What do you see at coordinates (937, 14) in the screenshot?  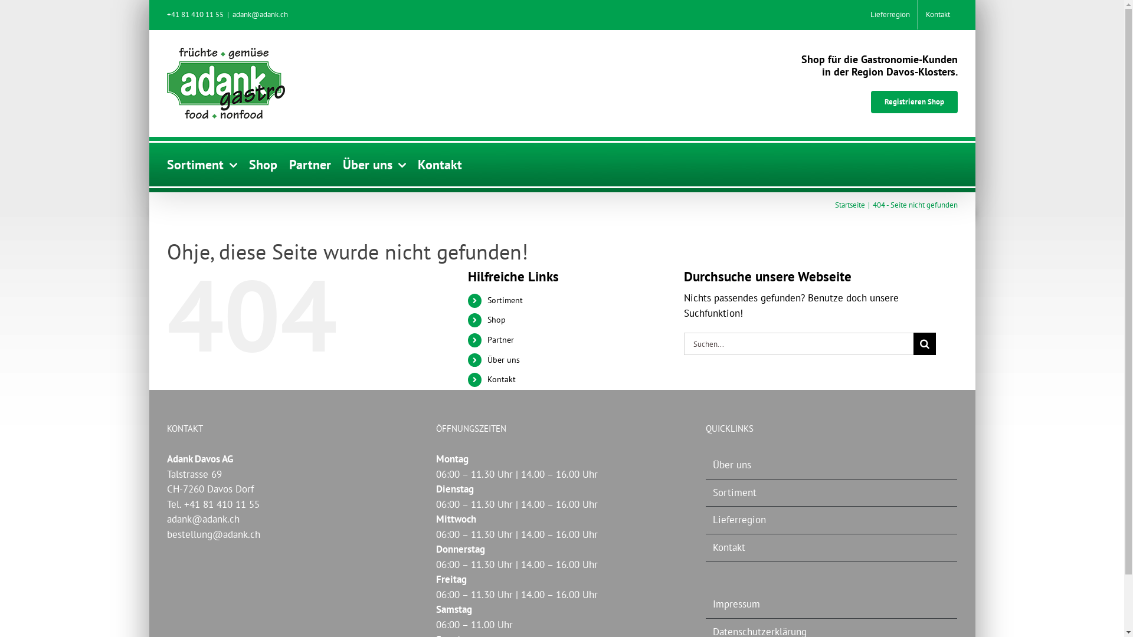 I see `'Kontakt'` at bounding box center [937, 14].